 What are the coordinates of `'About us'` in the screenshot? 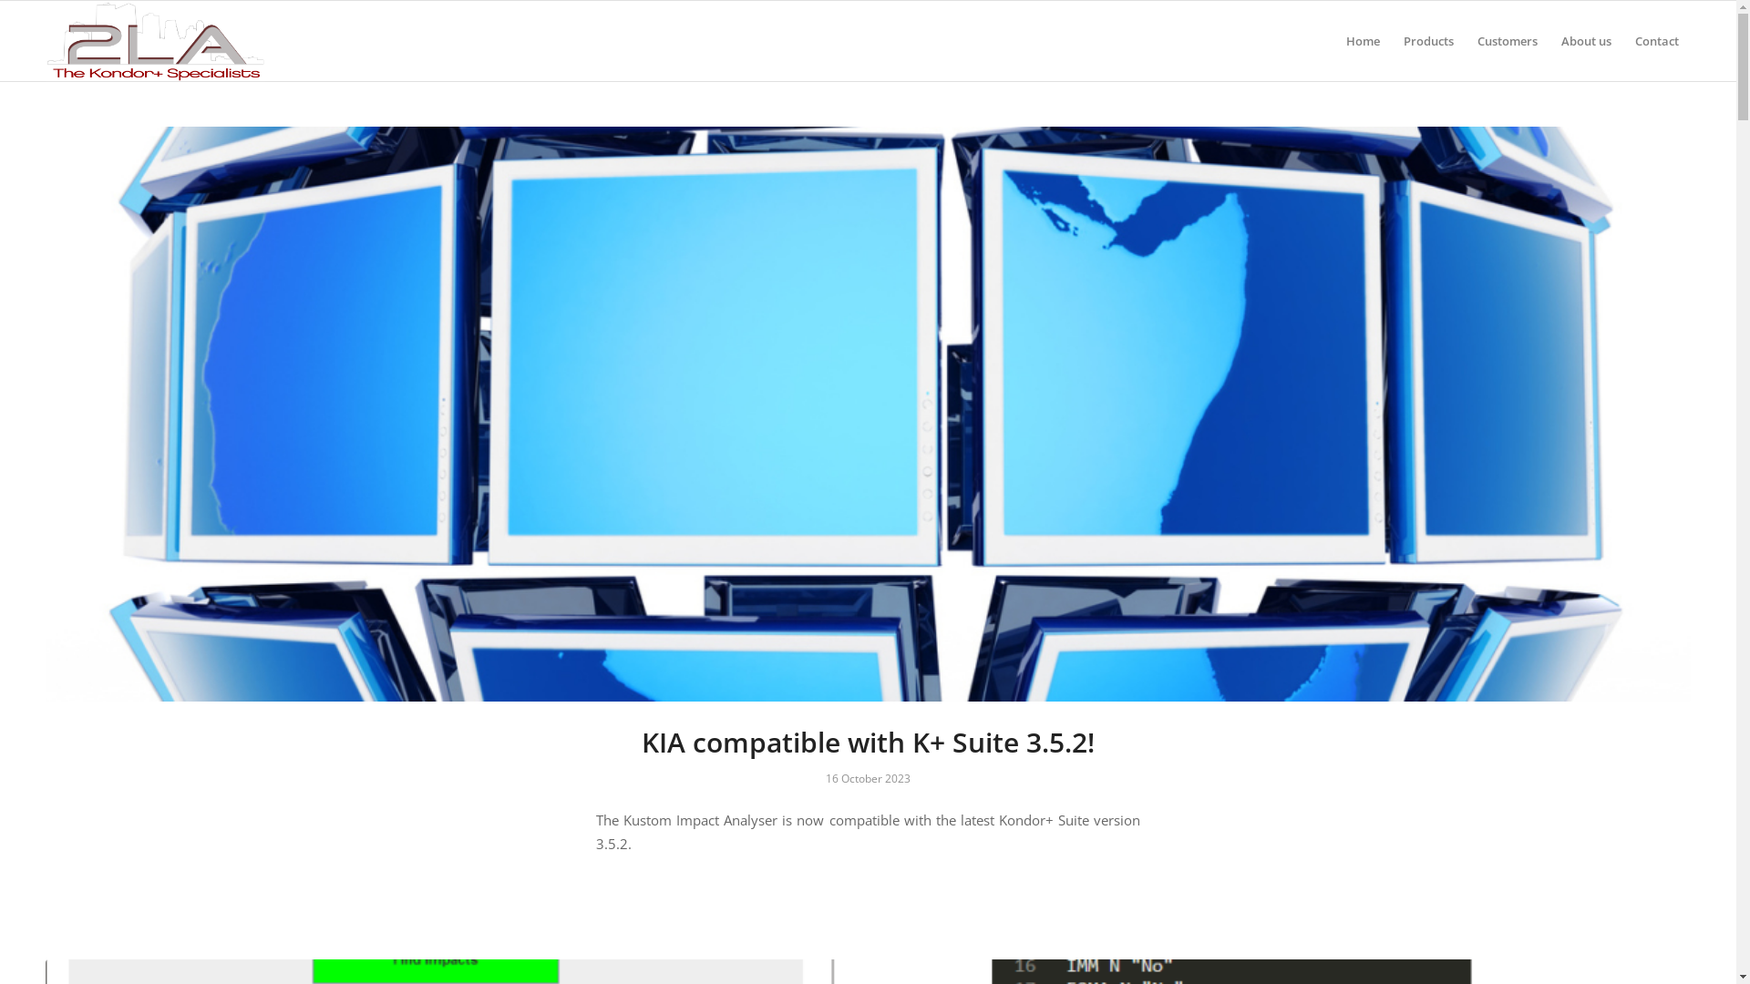 It's located at (1585, 41).